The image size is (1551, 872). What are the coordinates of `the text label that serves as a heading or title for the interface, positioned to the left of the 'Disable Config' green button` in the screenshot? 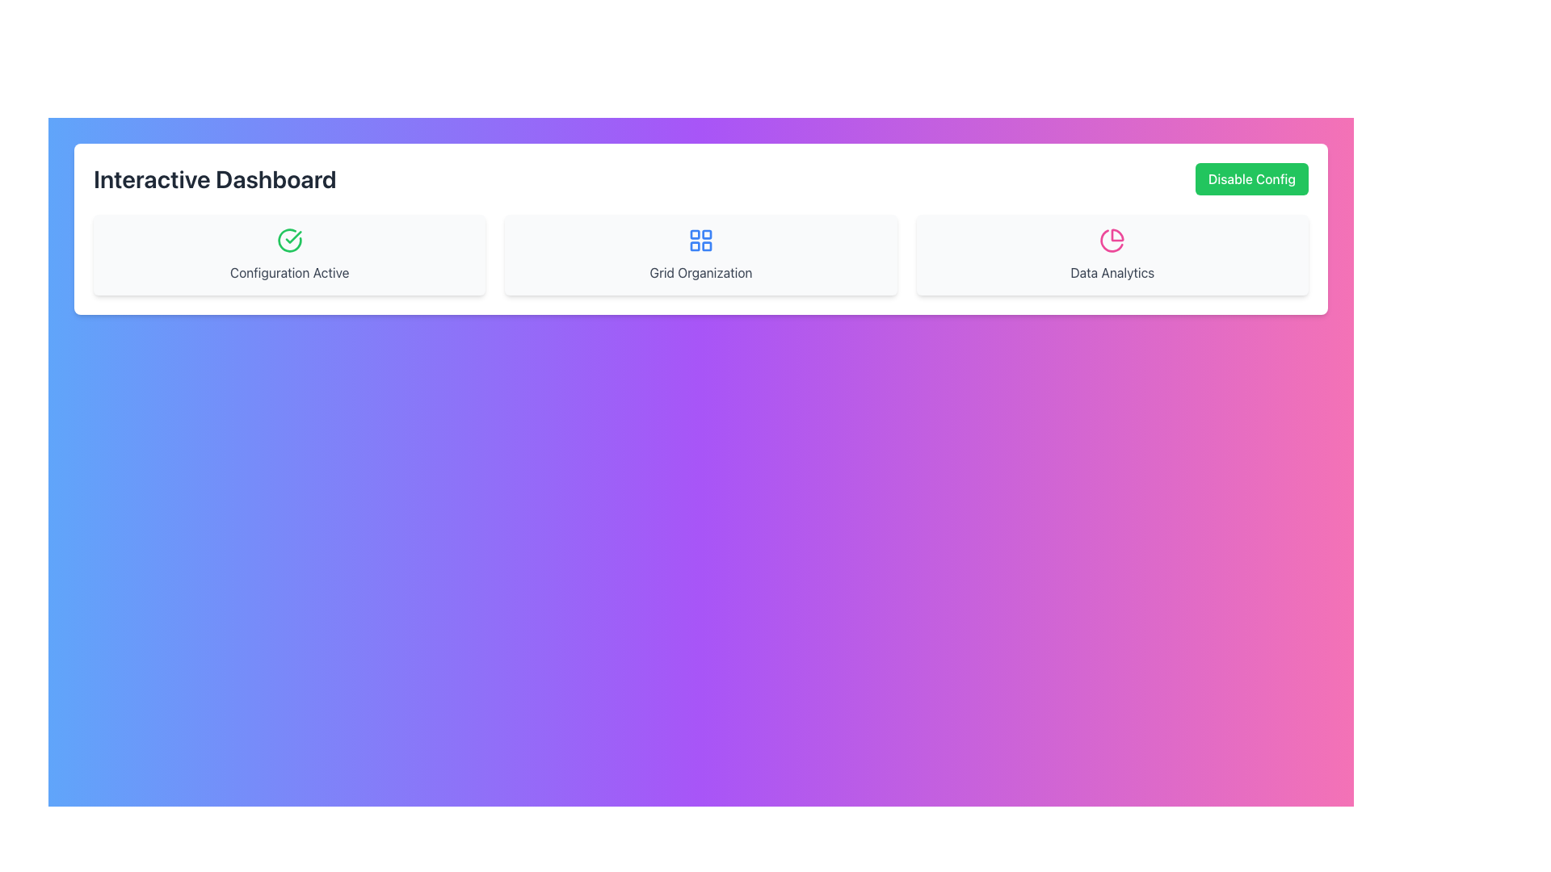 It's located at (214, 179).